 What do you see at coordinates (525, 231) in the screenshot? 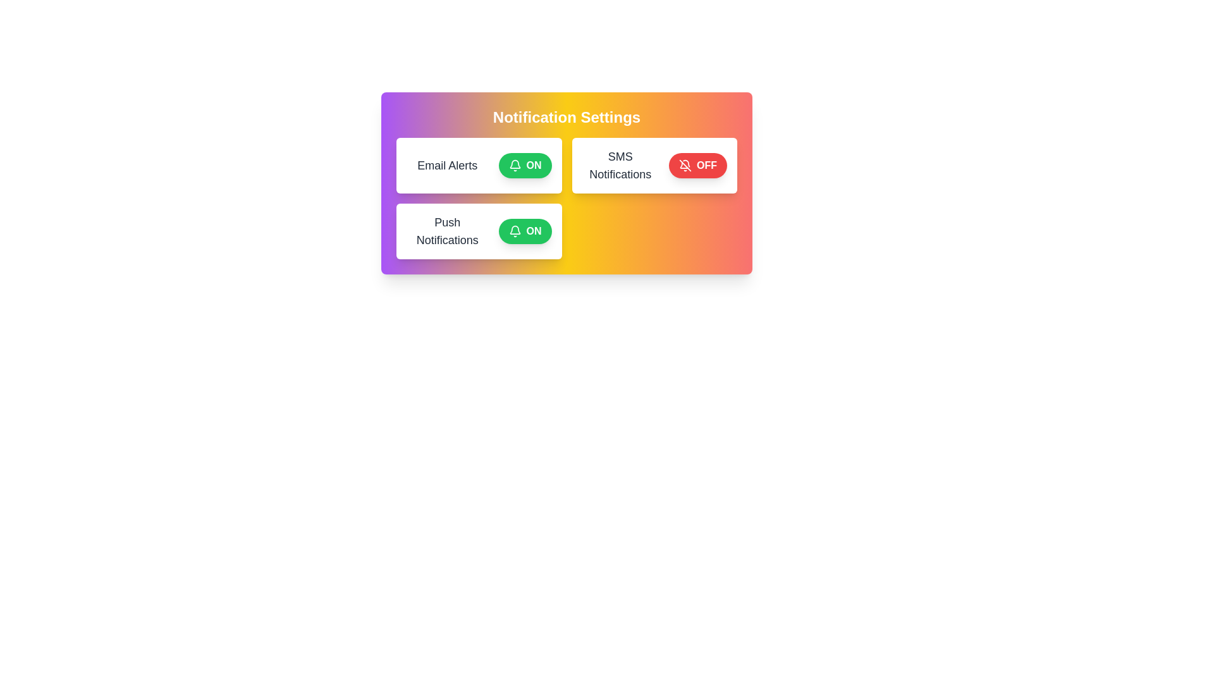
I see `the button corresponding to Push Notifications` at bounding box center [525, 231].